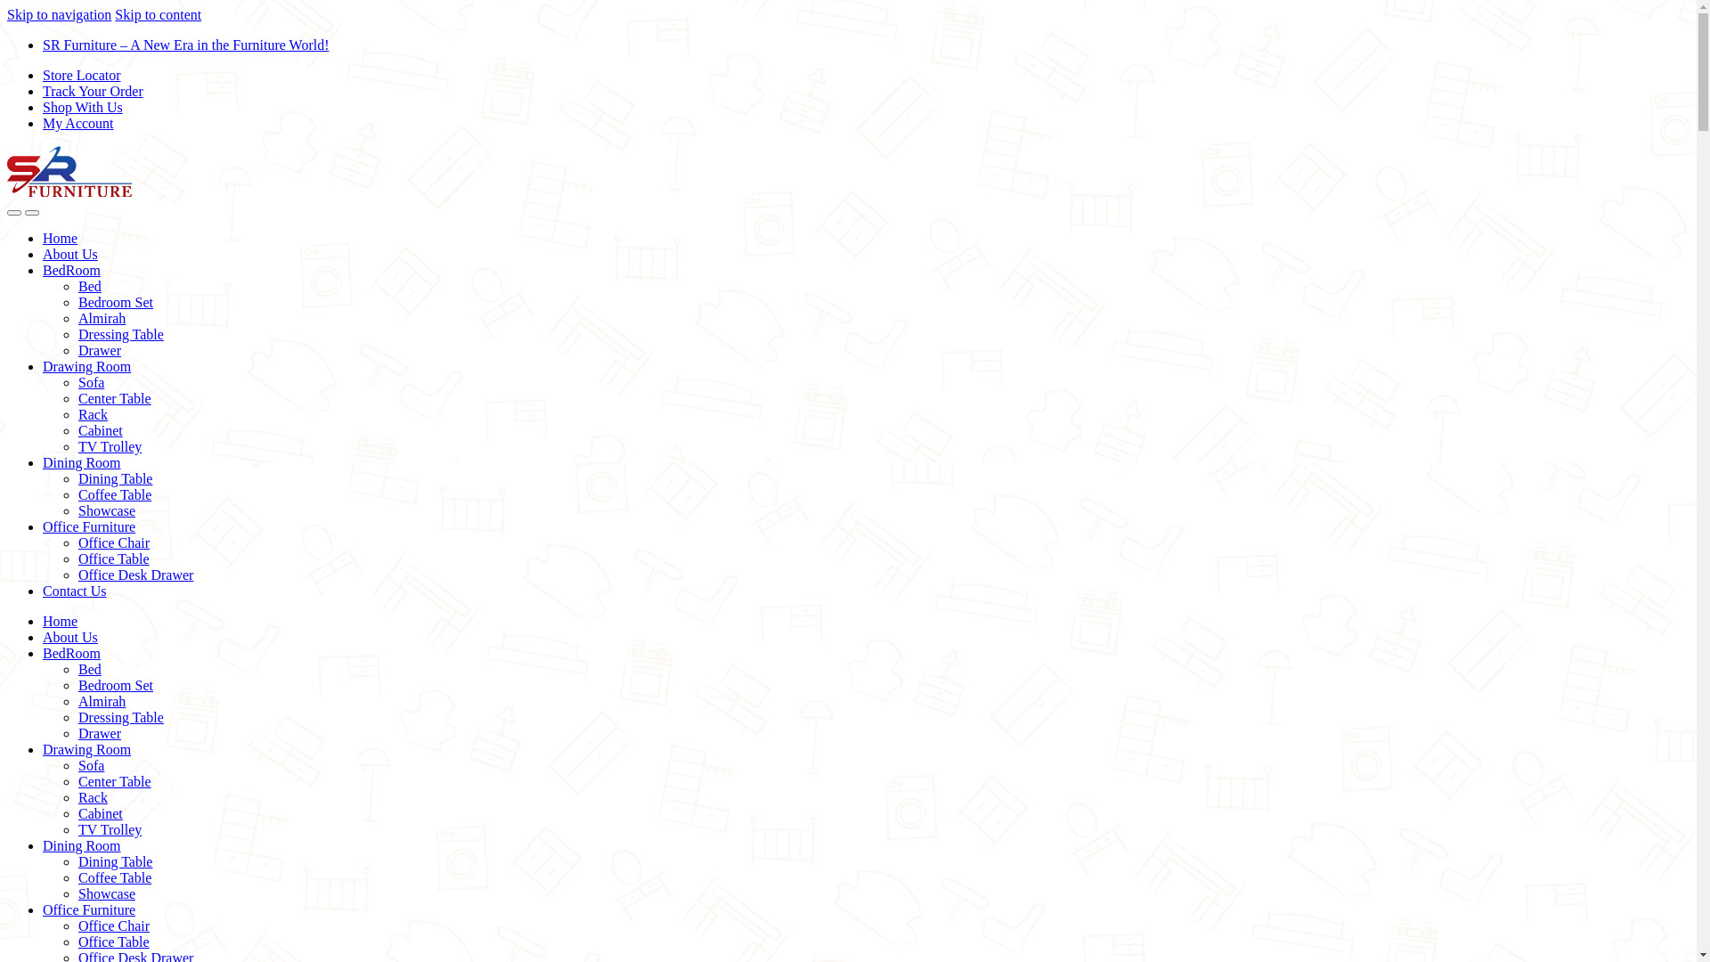  I want to click on 'Coffee Table', so click(77, 494).